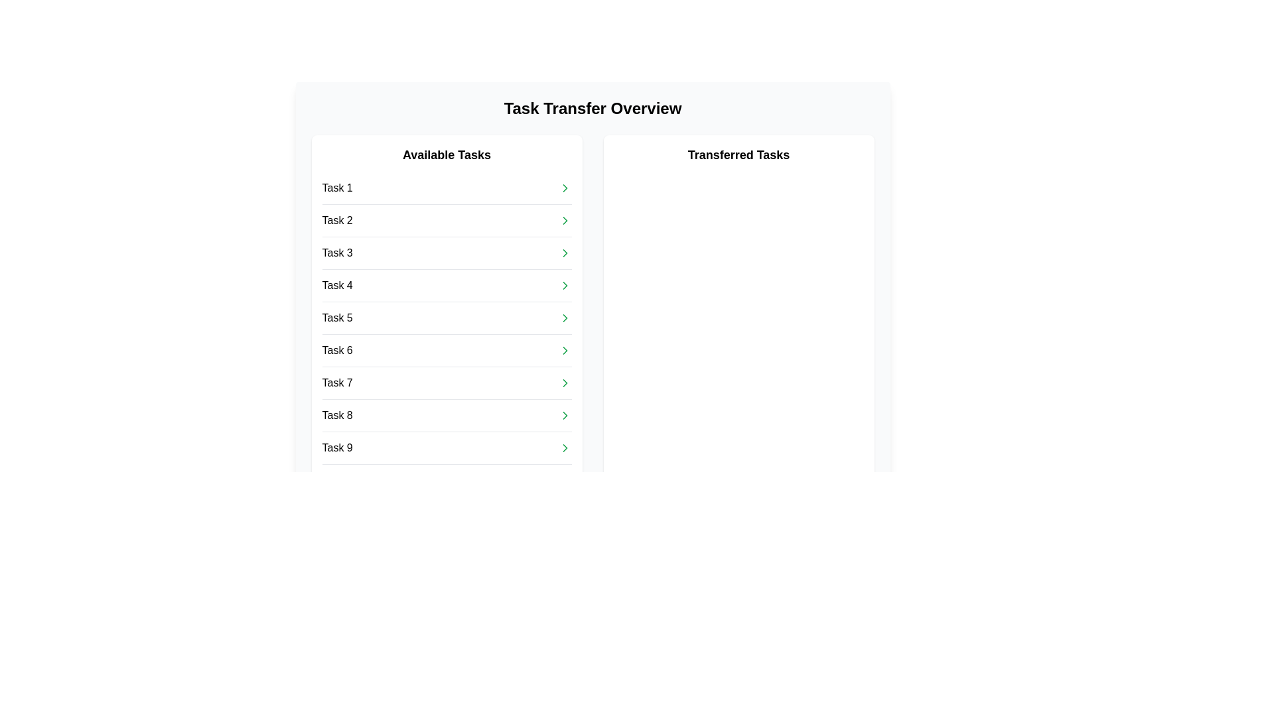 Image resolution: width=1274 pixels, height=716 pixels. Describe the element at coordinates (565, 253) in the screenshot. I see `the icon button at the right end of the 'Task 3' row in the 'Available Tasks' column to initiate navigation or action` at that location.